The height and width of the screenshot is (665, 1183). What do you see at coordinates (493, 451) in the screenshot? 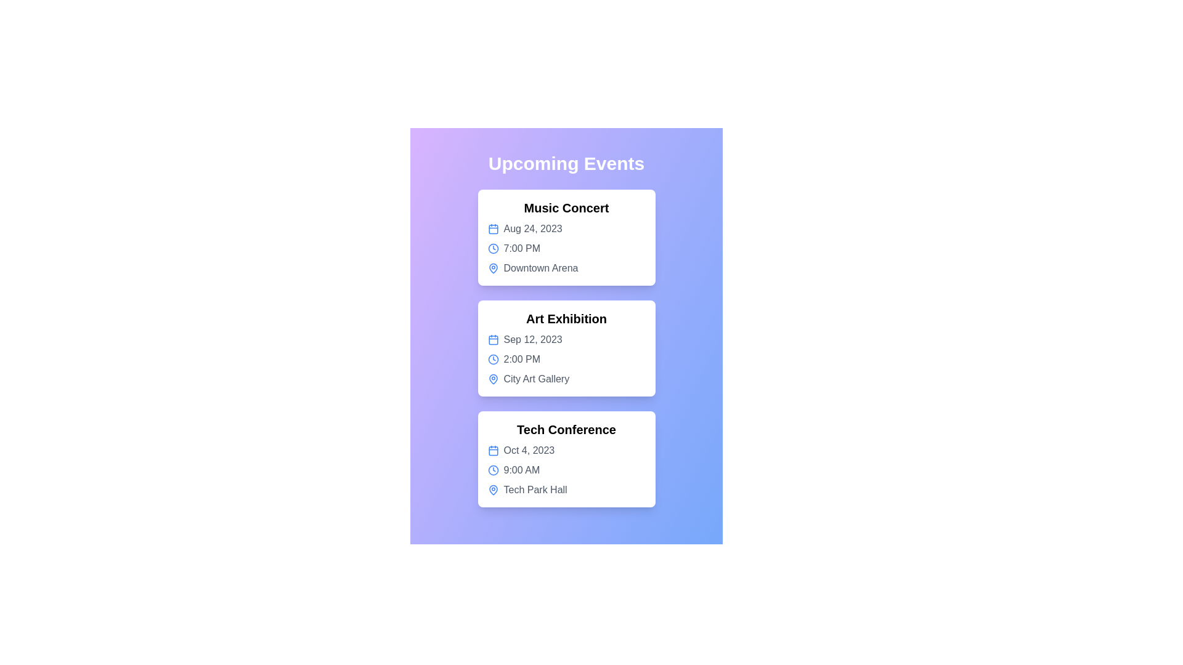
I see `the calendar icon located to the left of the text 'Oct 4, 2023', which serves as a visual representation for a date` at bounding box center [493, 451].